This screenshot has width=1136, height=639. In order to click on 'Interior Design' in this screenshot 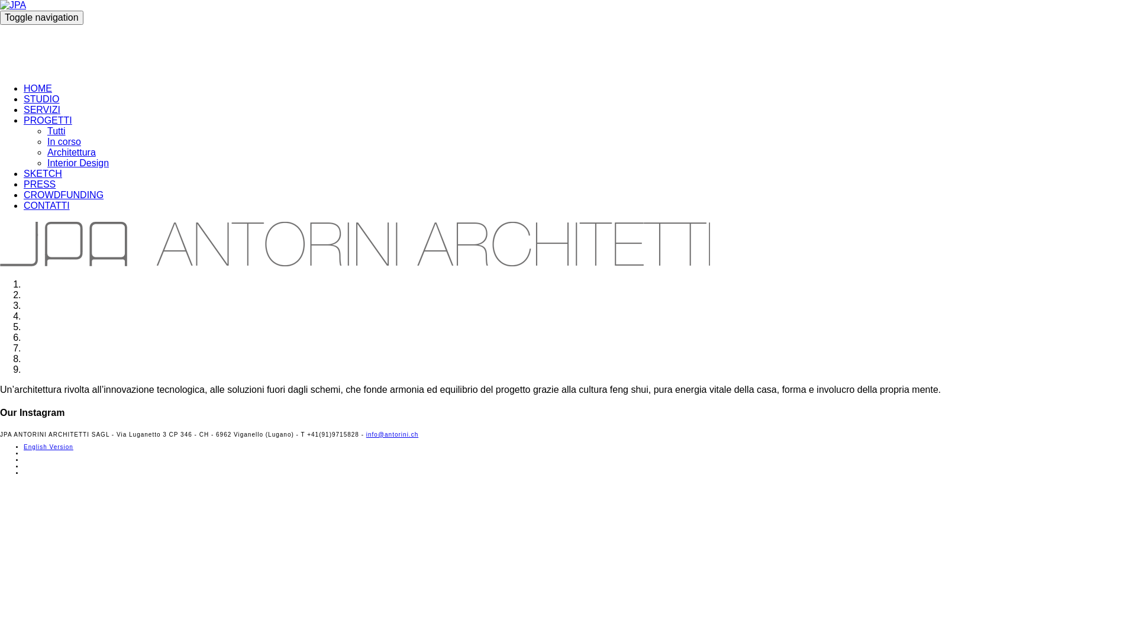, I will do `click(78, 163)`.